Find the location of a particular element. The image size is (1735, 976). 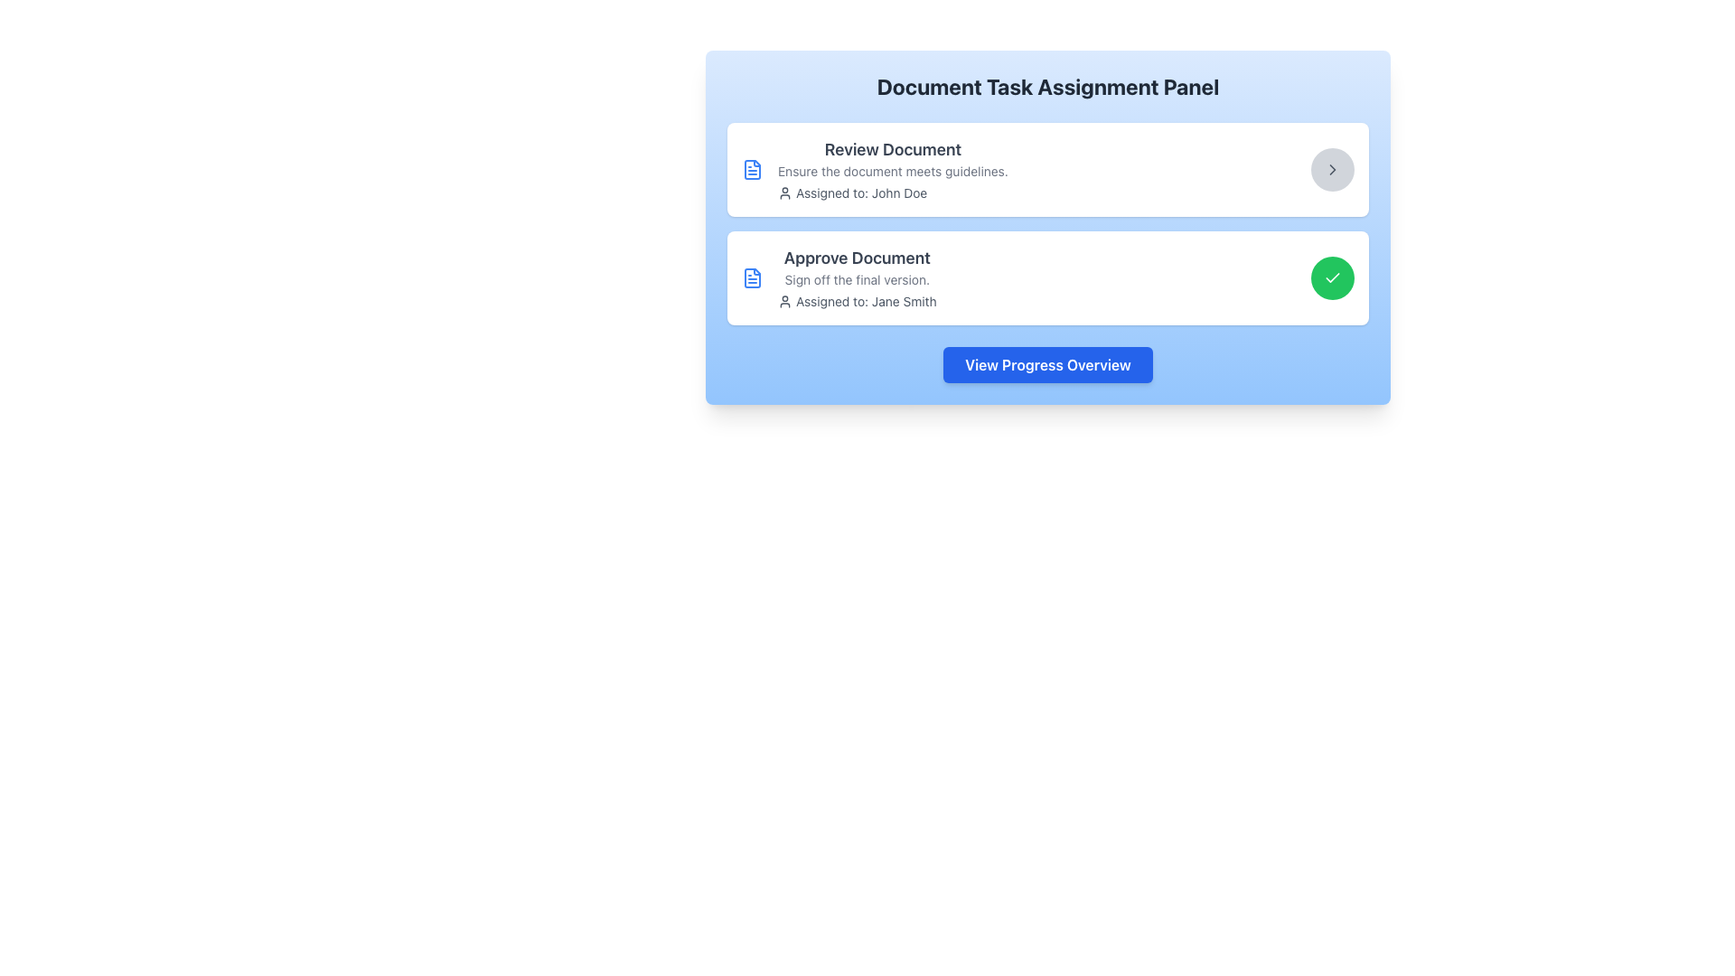

the text element that reads 'Assigned to: John Doe' with a user avatar icon, located in the 'Review Document' section of the task assignment panel is located at coordinates (893, 192).